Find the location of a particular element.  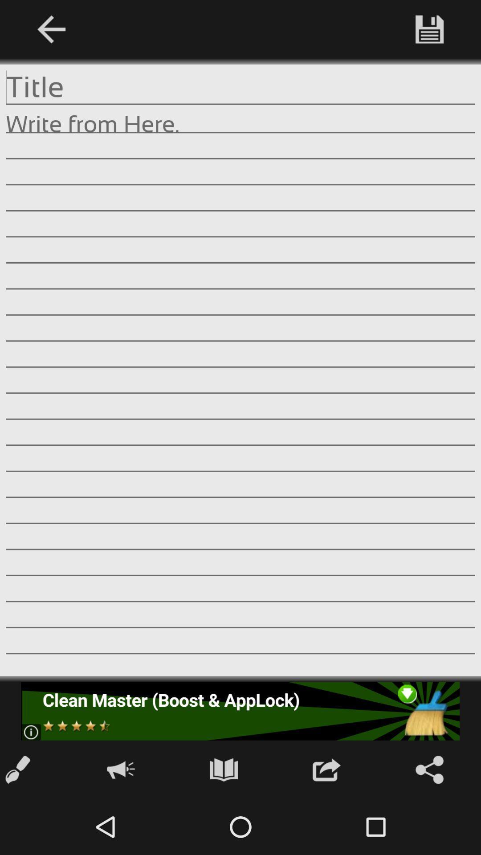

the edit icon is located at coordinates (34, 769).